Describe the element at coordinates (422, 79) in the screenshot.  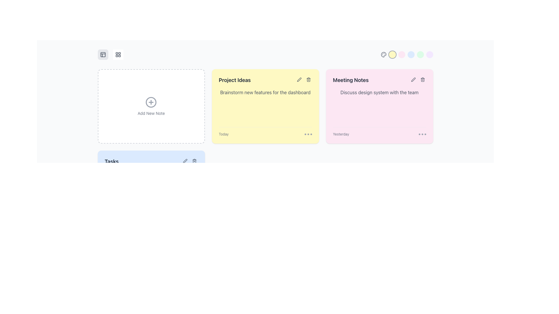
I see `the delete button with a trash can icon located within the 'Meeting Notes' card` at that location.